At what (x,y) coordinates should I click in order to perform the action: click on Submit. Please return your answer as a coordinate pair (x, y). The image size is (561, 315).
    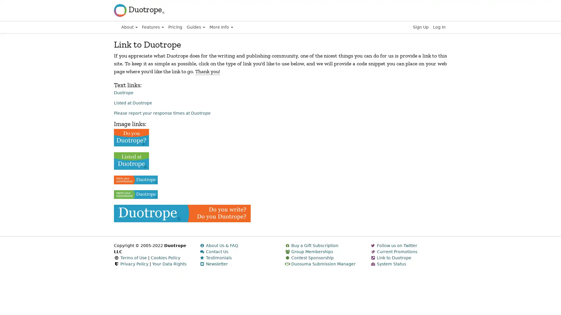
    Looking at the image, I should click on (131, 161).